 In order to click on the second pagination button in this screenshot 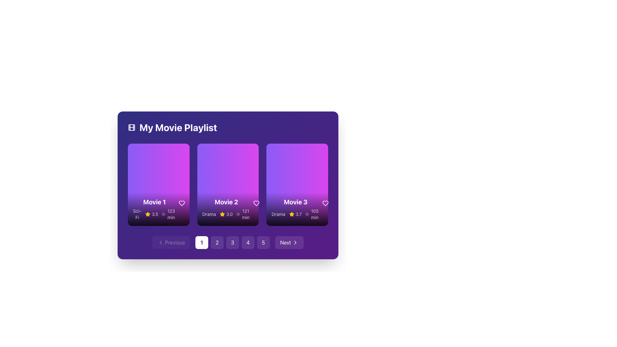, I will do `click(217, 243)`.